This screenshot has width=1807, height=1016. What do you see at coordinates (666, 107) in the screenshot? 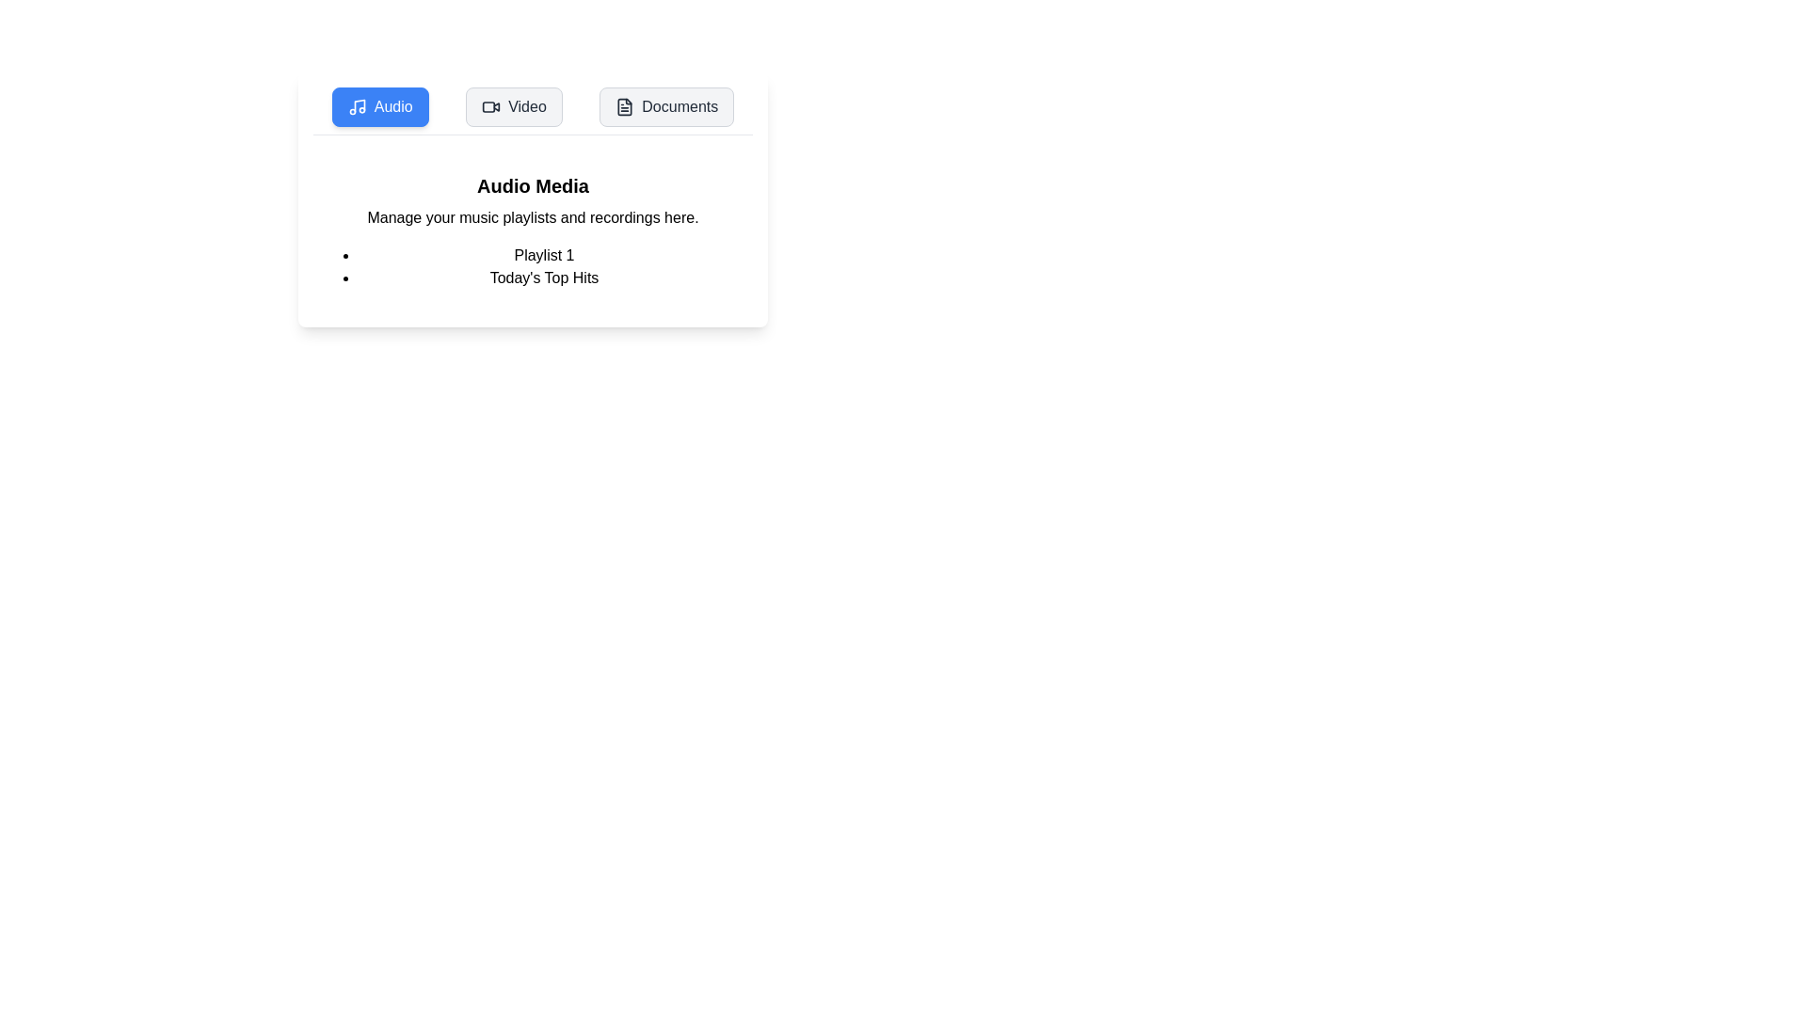
I see `the Documents tab to switch to its content` at bounding box center [666, 107].